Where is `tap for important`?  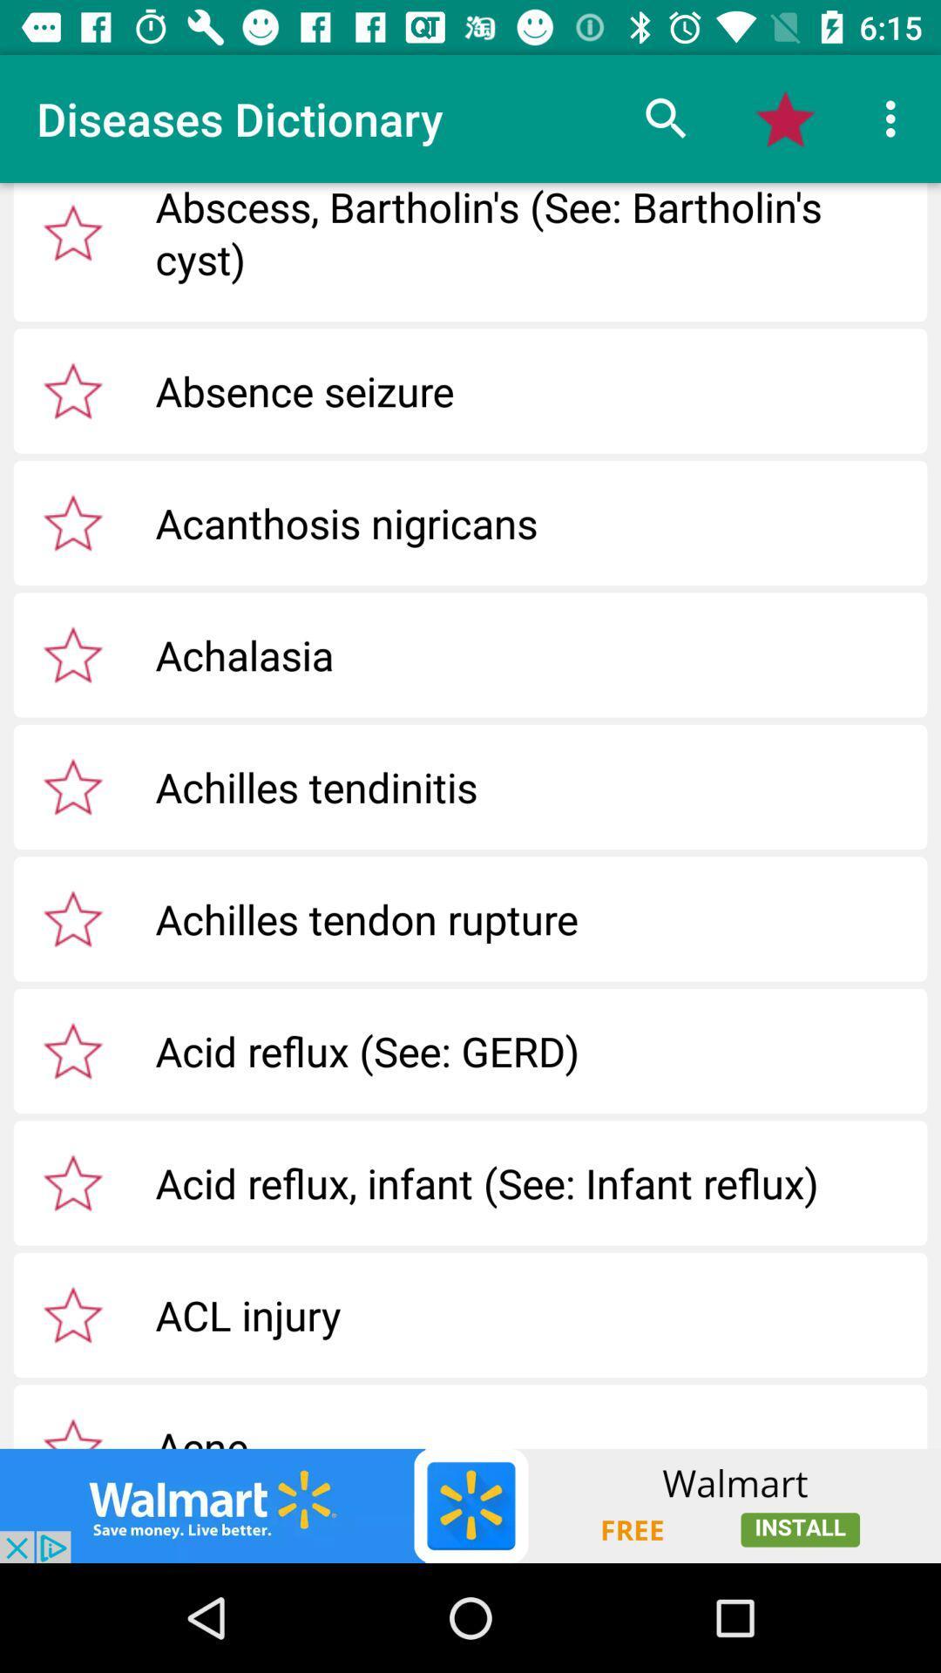 tap for important is located at coordinates (72, 1429).